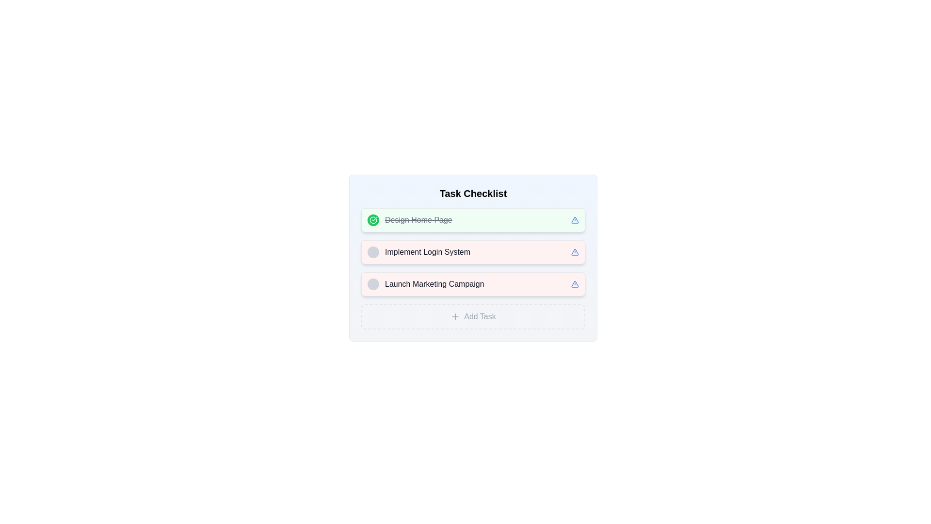 This screenshot has width=931, height=524. Describe the element at coordinates (418, 220) in the screenshot. I see `the checklist task labeled 'Design Home Page', which is visually indicated as completed with a strikethrough style and is the first item in the checklist interface` at that location.